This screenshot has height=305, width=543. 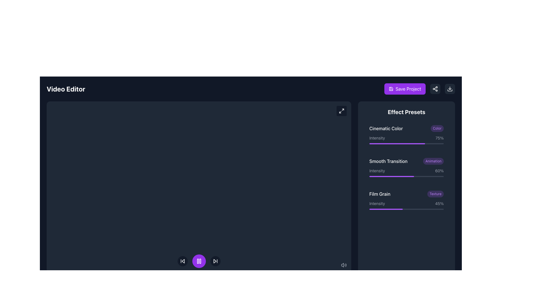 I want to click on the 'Intensity' text label, which describes the setting for the 'Cinematic Color' effect in the 'Effect Presets' section, so click(x=377, y=138).